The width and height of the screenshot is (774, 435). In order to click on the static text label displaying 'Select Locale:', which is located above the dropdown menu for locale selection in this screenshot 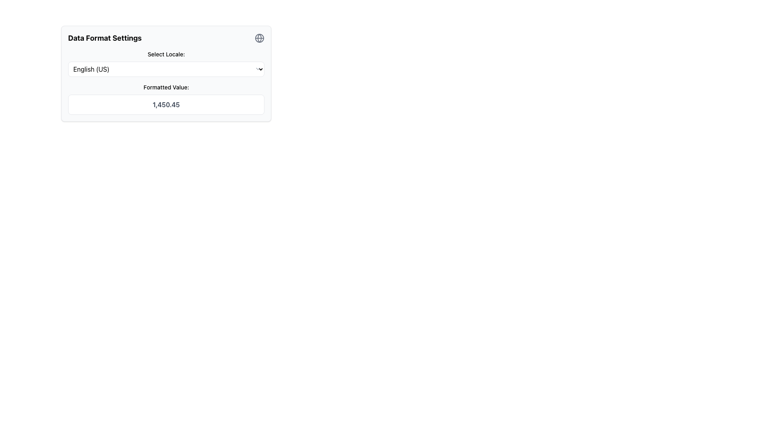, I will do `click(166, 54)`.